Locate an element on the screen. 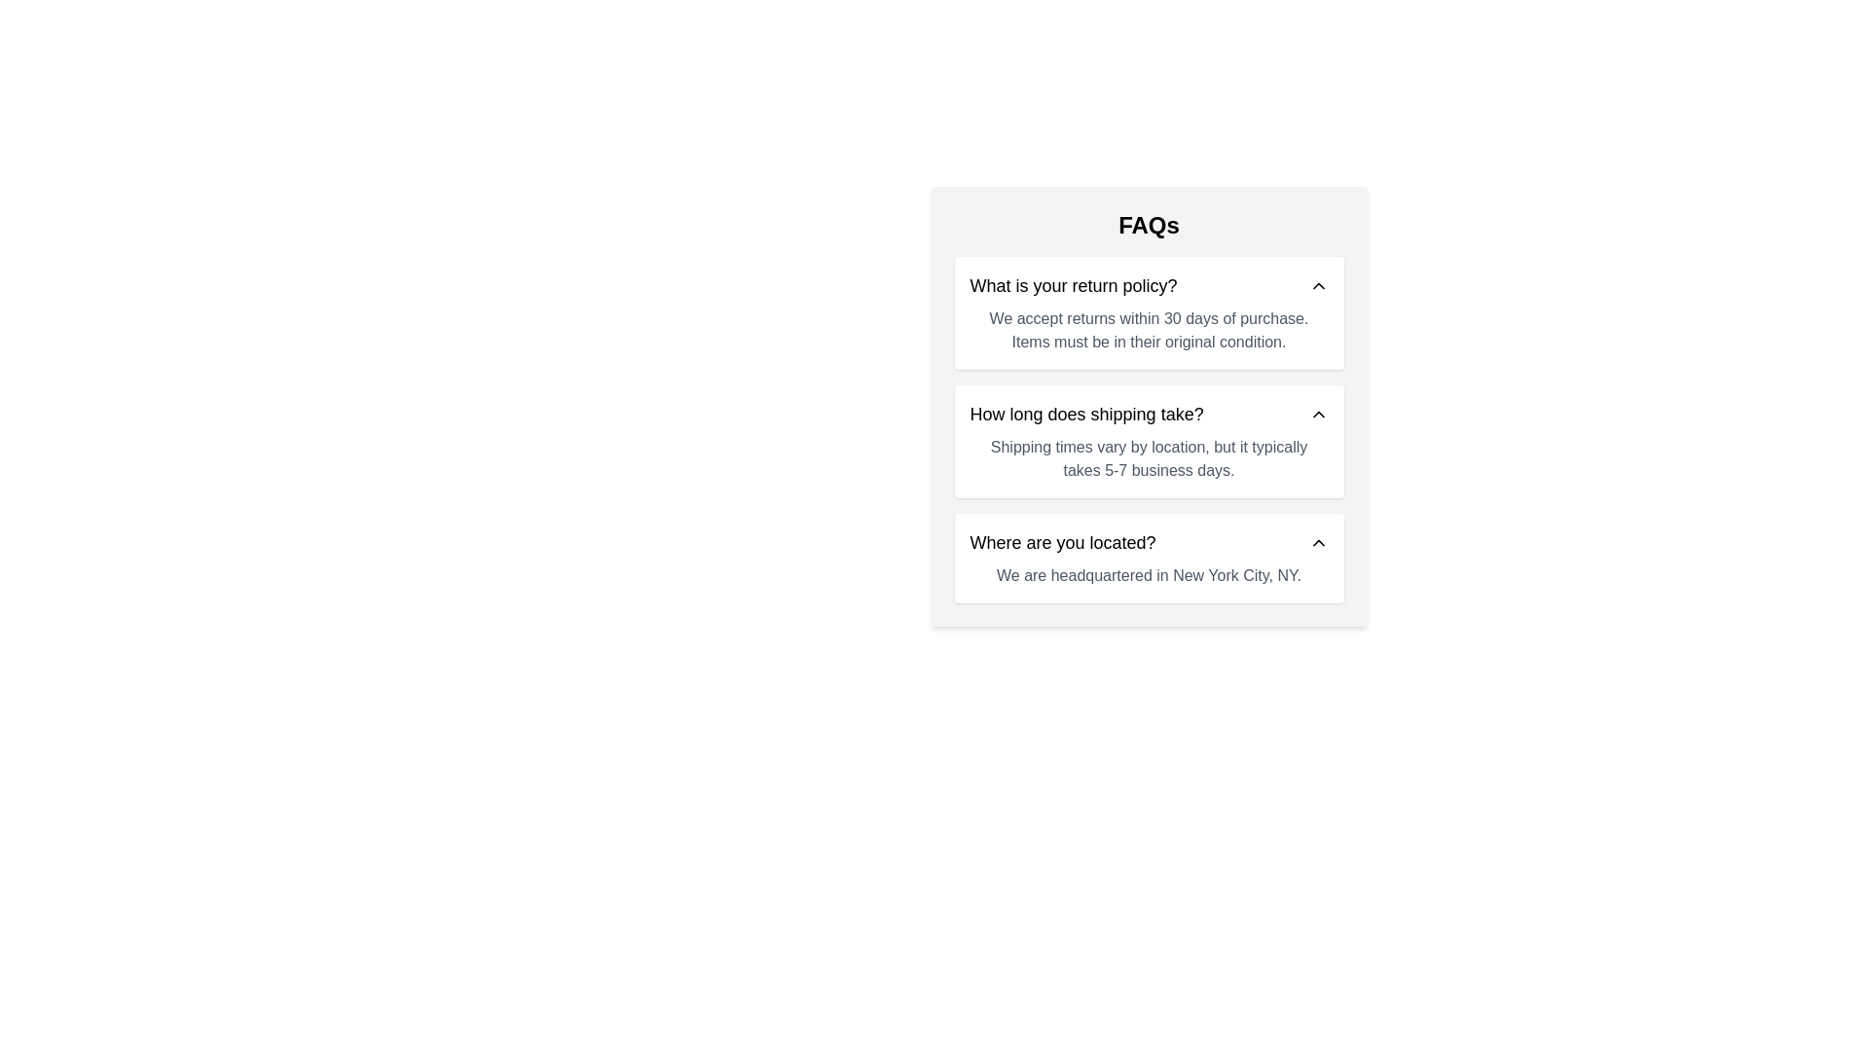 This screenshot has width=1869, height=1051. the text block containing the message 'We accept returns within 30 days of purchase. Items must be in their original condition.' which is located below the heading 'What is your return policy?' in the FAQ section is located at coordinates (1149, 329).